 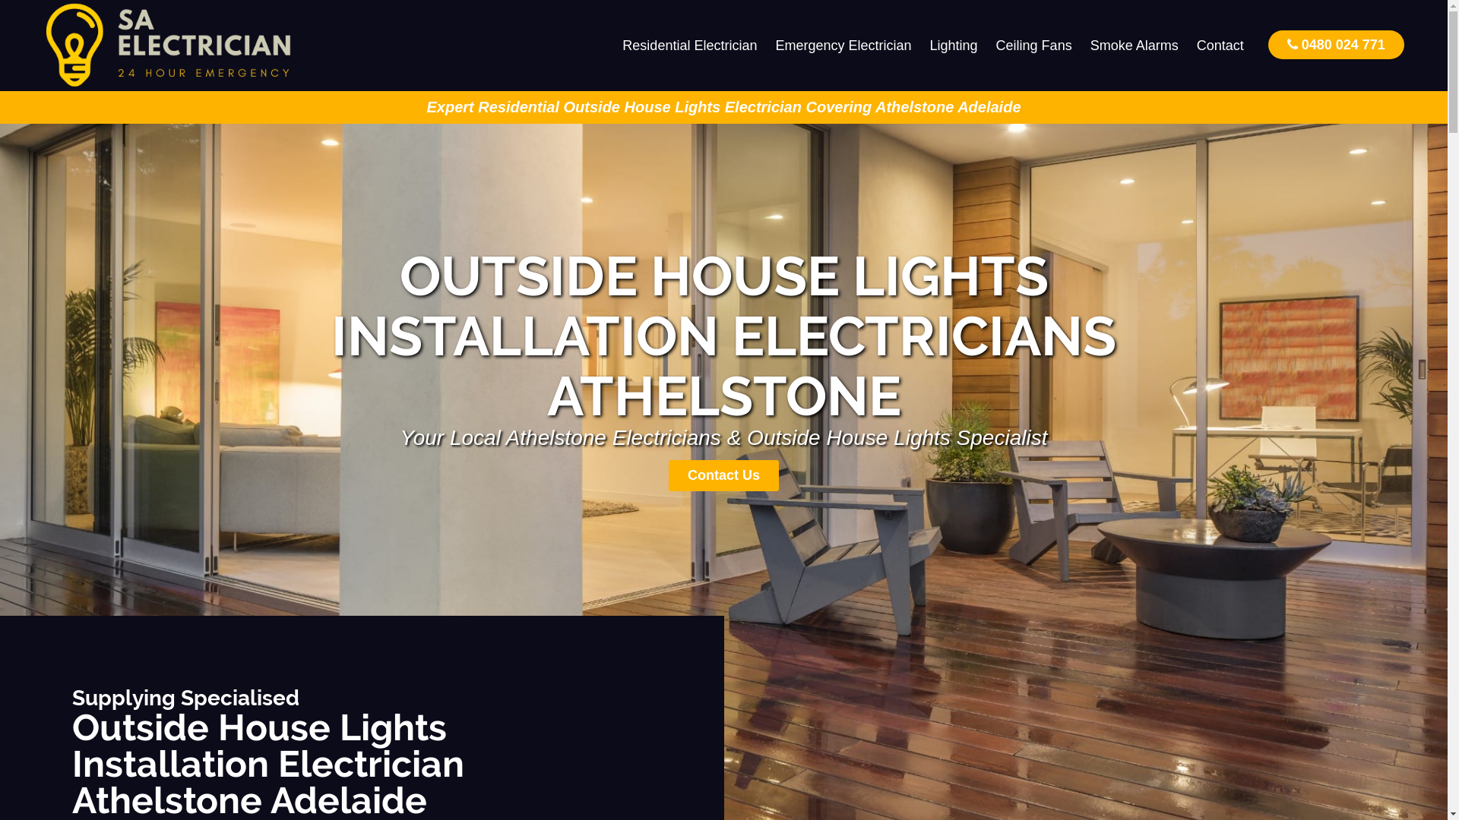 I want to click on 'Lighting', so click(x=953, y=45).